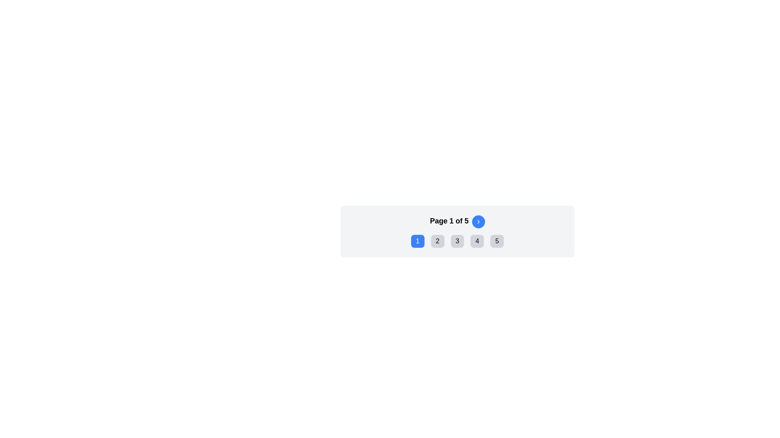  Describe the element at coordinates (496, 240) in the screenshot. I see `the button for page 5, which is the rightmost button in a horizontal sequence of five buttons at the bottom of the interface` at that location.